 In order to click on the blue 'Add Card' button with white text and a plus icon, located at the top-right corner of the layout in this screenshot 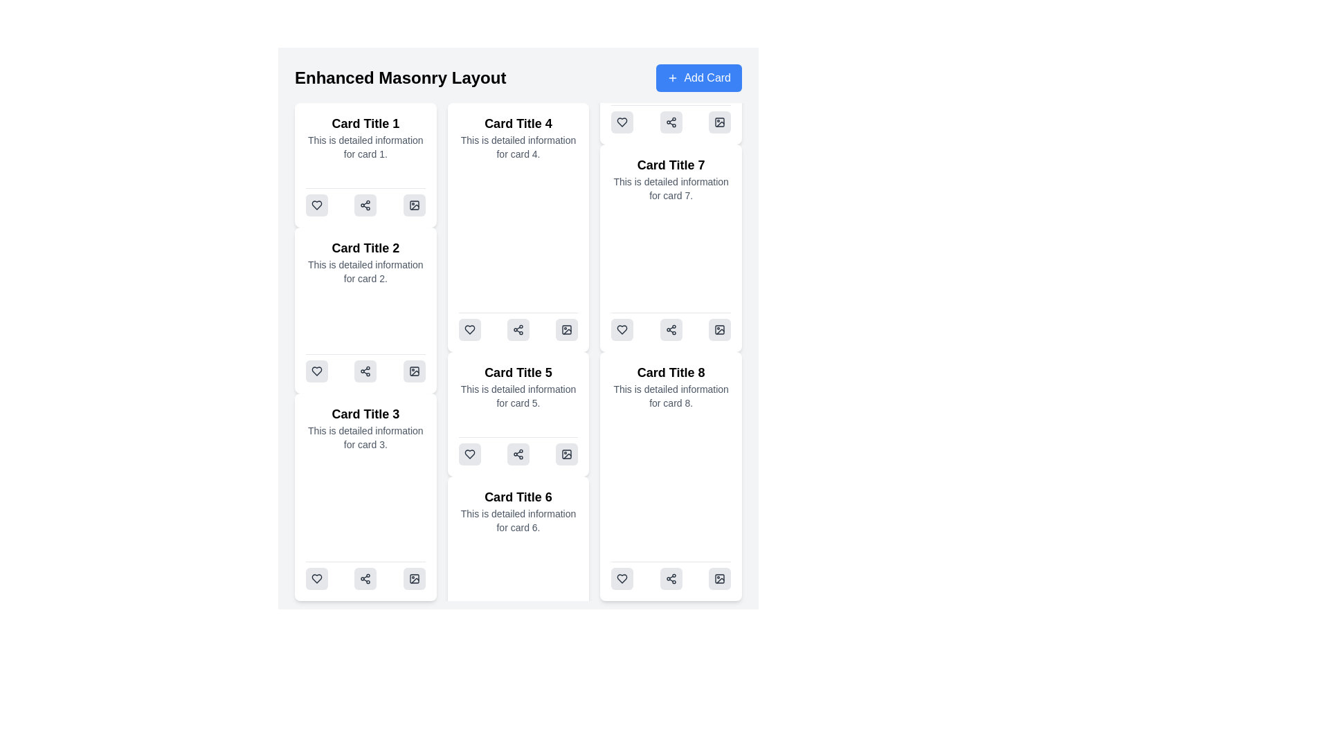, I will do `click(699, 77)`.